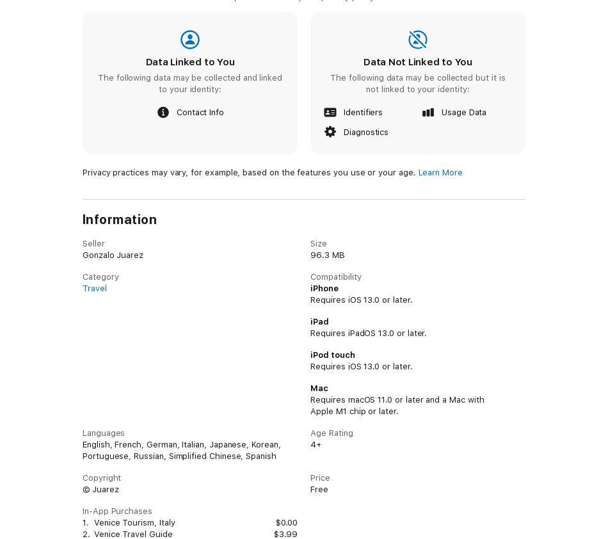  I want to click on 'iPhone', so click(324, 287).